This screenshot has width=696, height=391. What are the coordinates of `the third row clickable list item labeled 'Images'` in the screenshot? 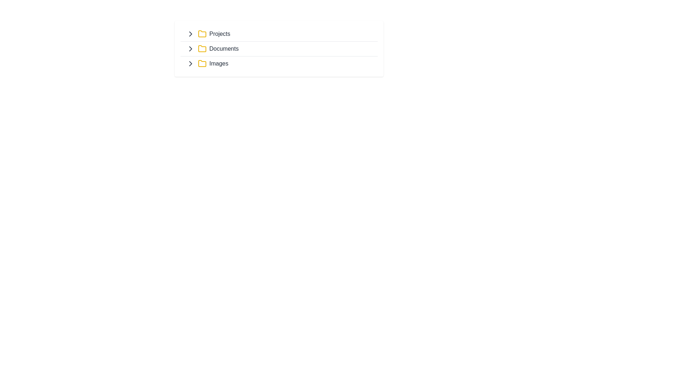 It's located at (278, 63).